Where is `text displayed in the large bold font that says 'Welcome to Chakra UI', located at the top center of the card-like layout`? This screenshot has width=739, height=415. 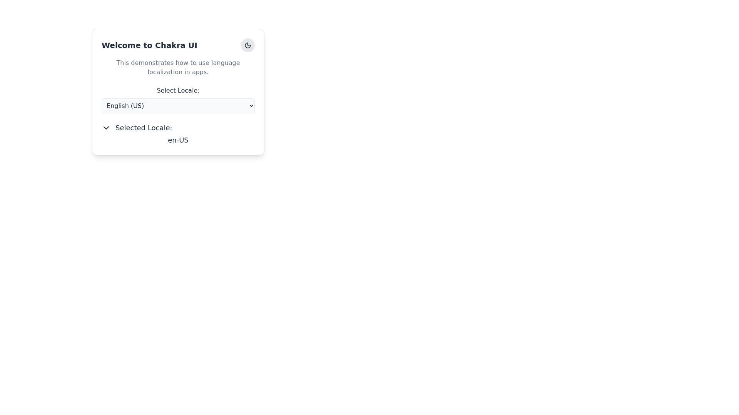 text displayed in the large bold font that says 'Welcome to Chakra UI', located at the top center of the card-like layout is located at coordinates (177, 45).